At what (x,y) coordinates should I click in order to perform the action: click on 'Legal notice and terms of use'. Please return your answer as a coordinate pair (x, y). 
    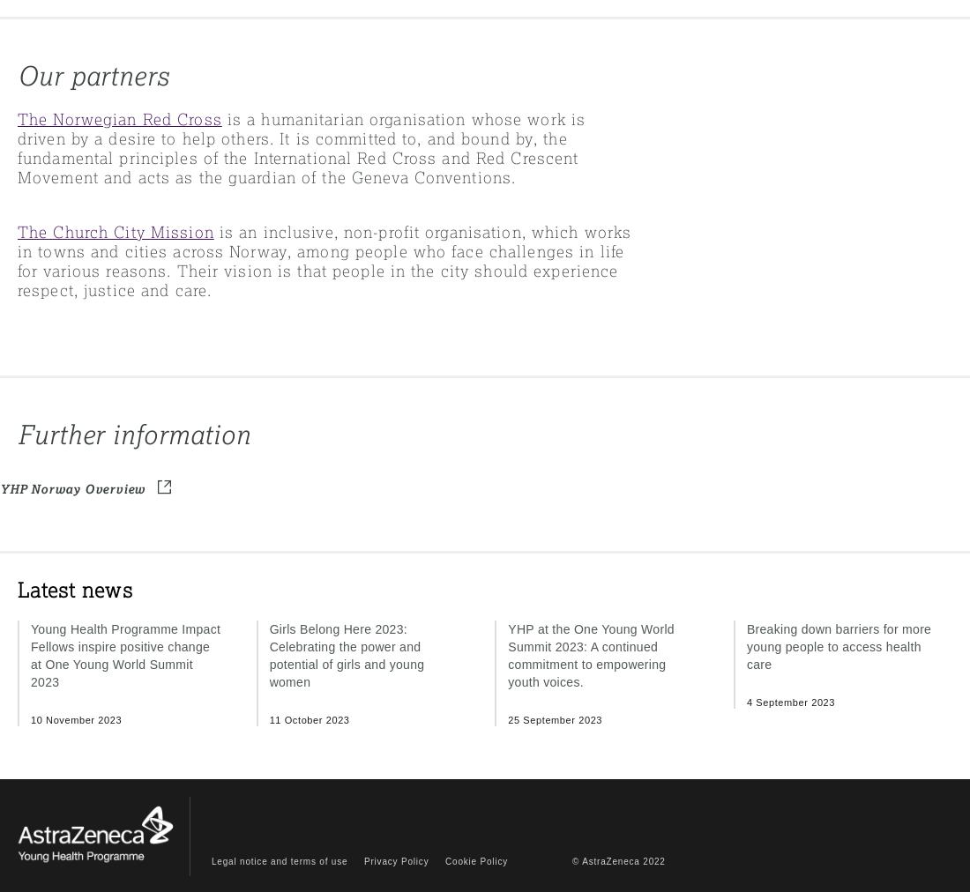
    Looking at the image, I should click on (212, 860).